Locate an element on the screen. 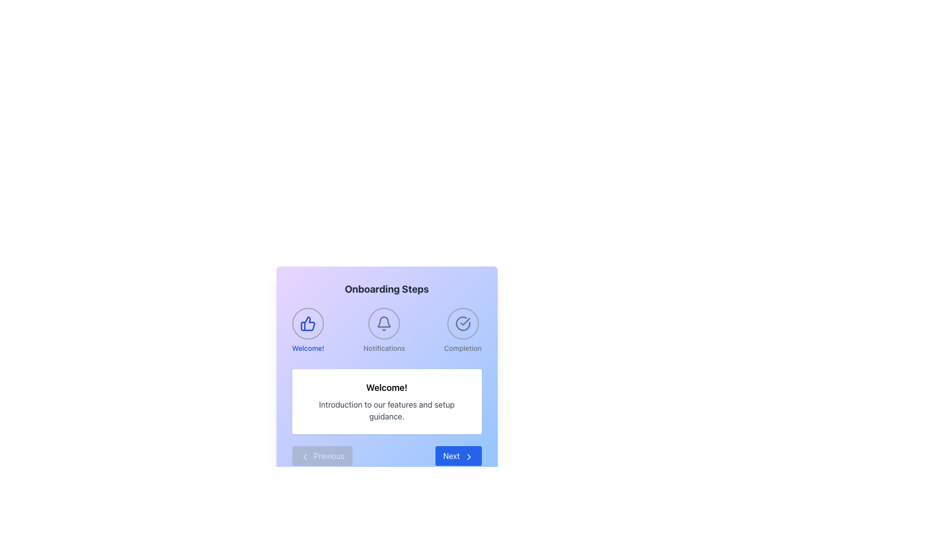  the 'Completion' icon, which features a circular outline with a checkmark inside, located in the 'Onboarding Steps' section to the right of 'Welcome!' and 'Notifications' is located at coordinates (462, 331).